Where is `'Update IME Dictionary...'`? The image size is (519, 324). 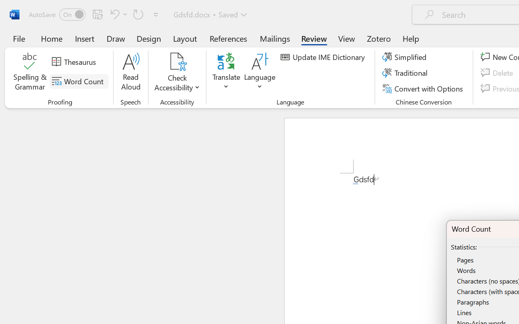 'Update IME Dictionary...' is located at coordinates (324, 57).